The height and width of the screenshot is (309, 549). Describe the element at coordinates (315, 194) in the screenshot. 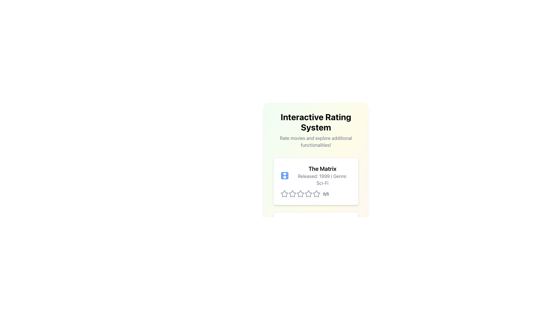

I see `one of the outlined stars in the Rating component below the movie 'The Matrix' to assign a rating` at that location.